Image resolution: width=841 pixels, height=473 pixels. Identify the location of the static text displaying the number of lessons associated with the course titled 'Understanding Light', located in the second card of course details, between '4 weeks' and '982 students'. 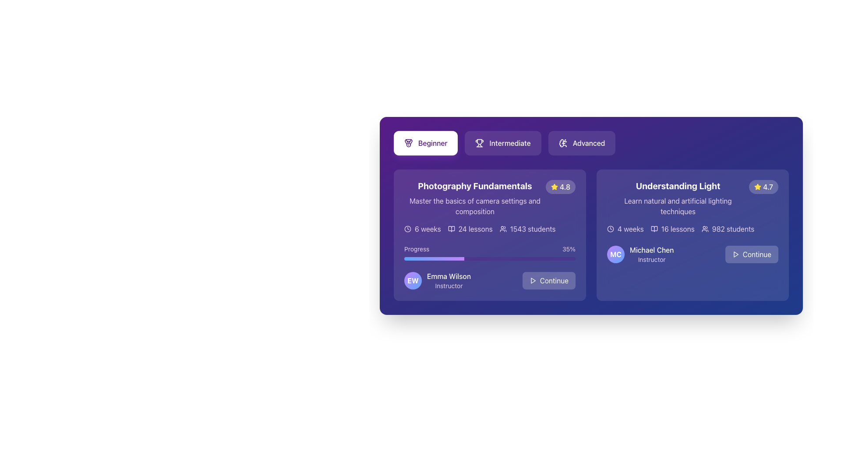
(672, 229).